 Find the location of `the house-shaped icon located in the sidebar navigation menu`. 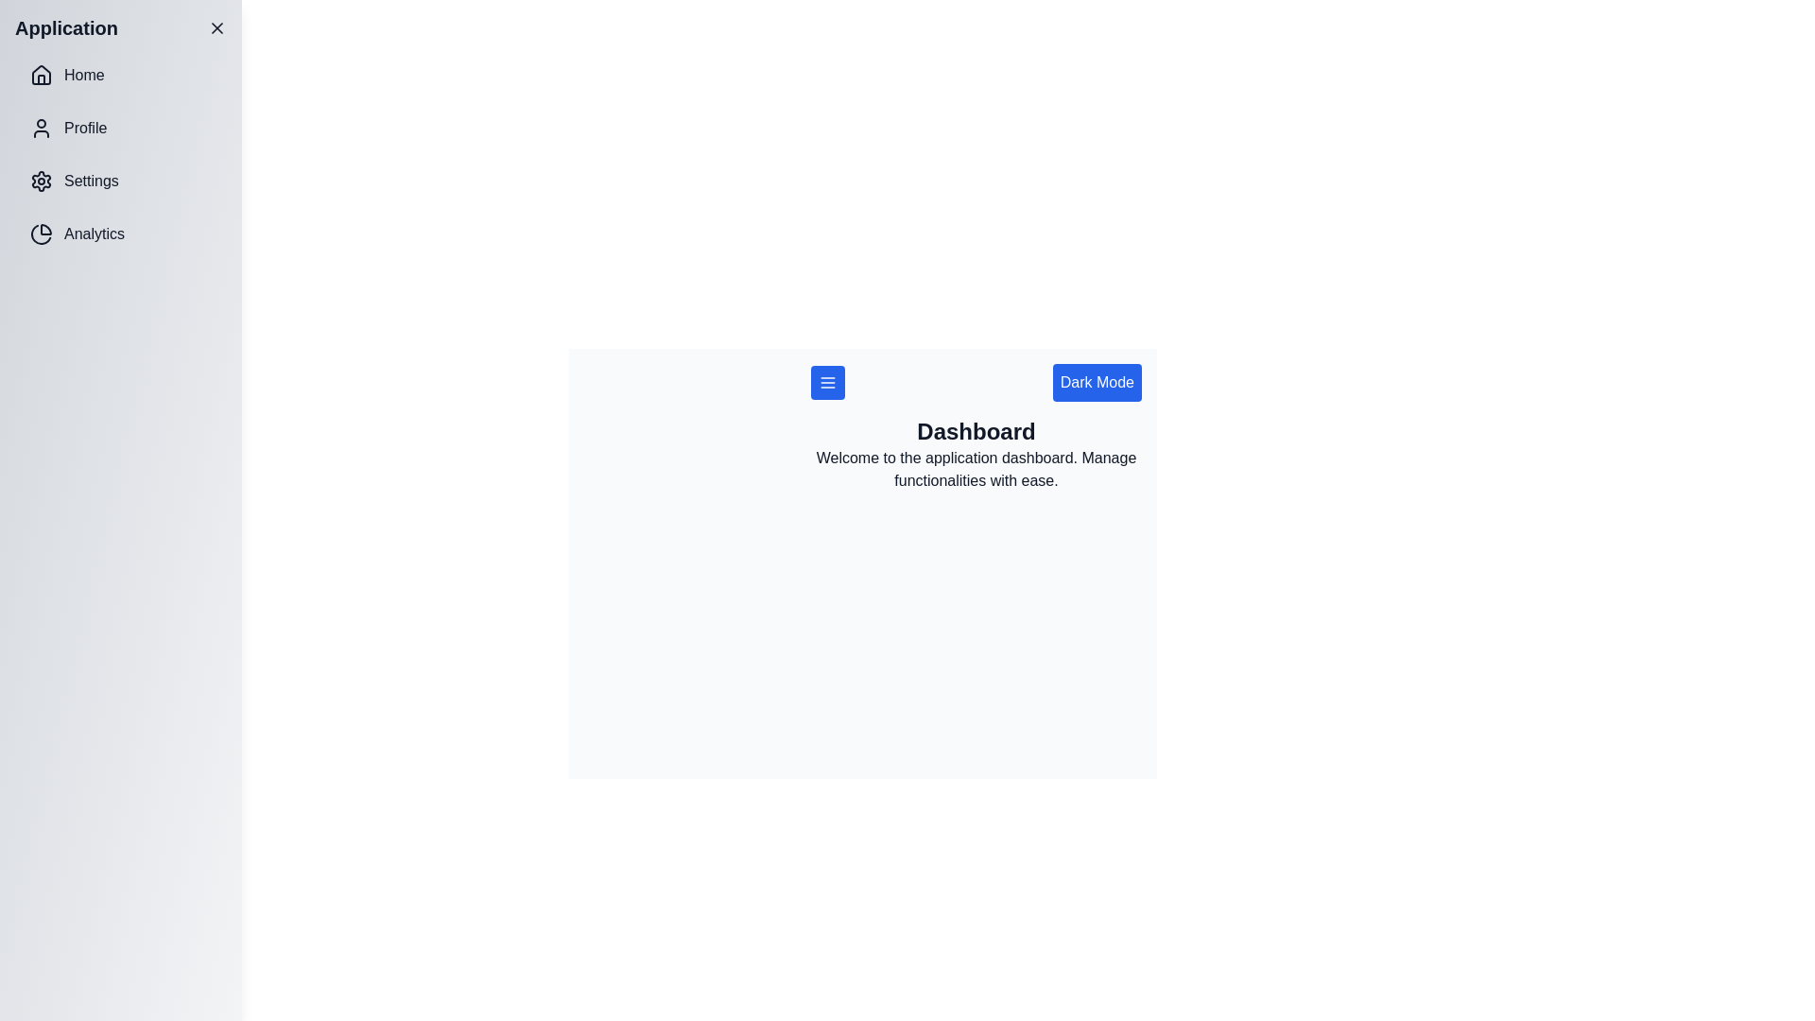

the house-shaped icon located in the sidebar navigation menu is located at coordinates (41, 75).